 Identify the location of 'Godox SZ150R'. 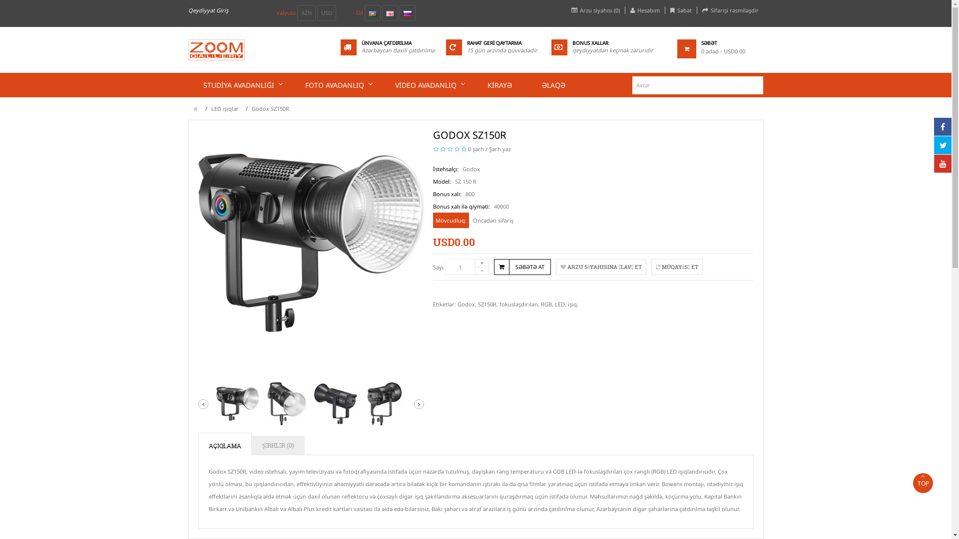
(270, 108).